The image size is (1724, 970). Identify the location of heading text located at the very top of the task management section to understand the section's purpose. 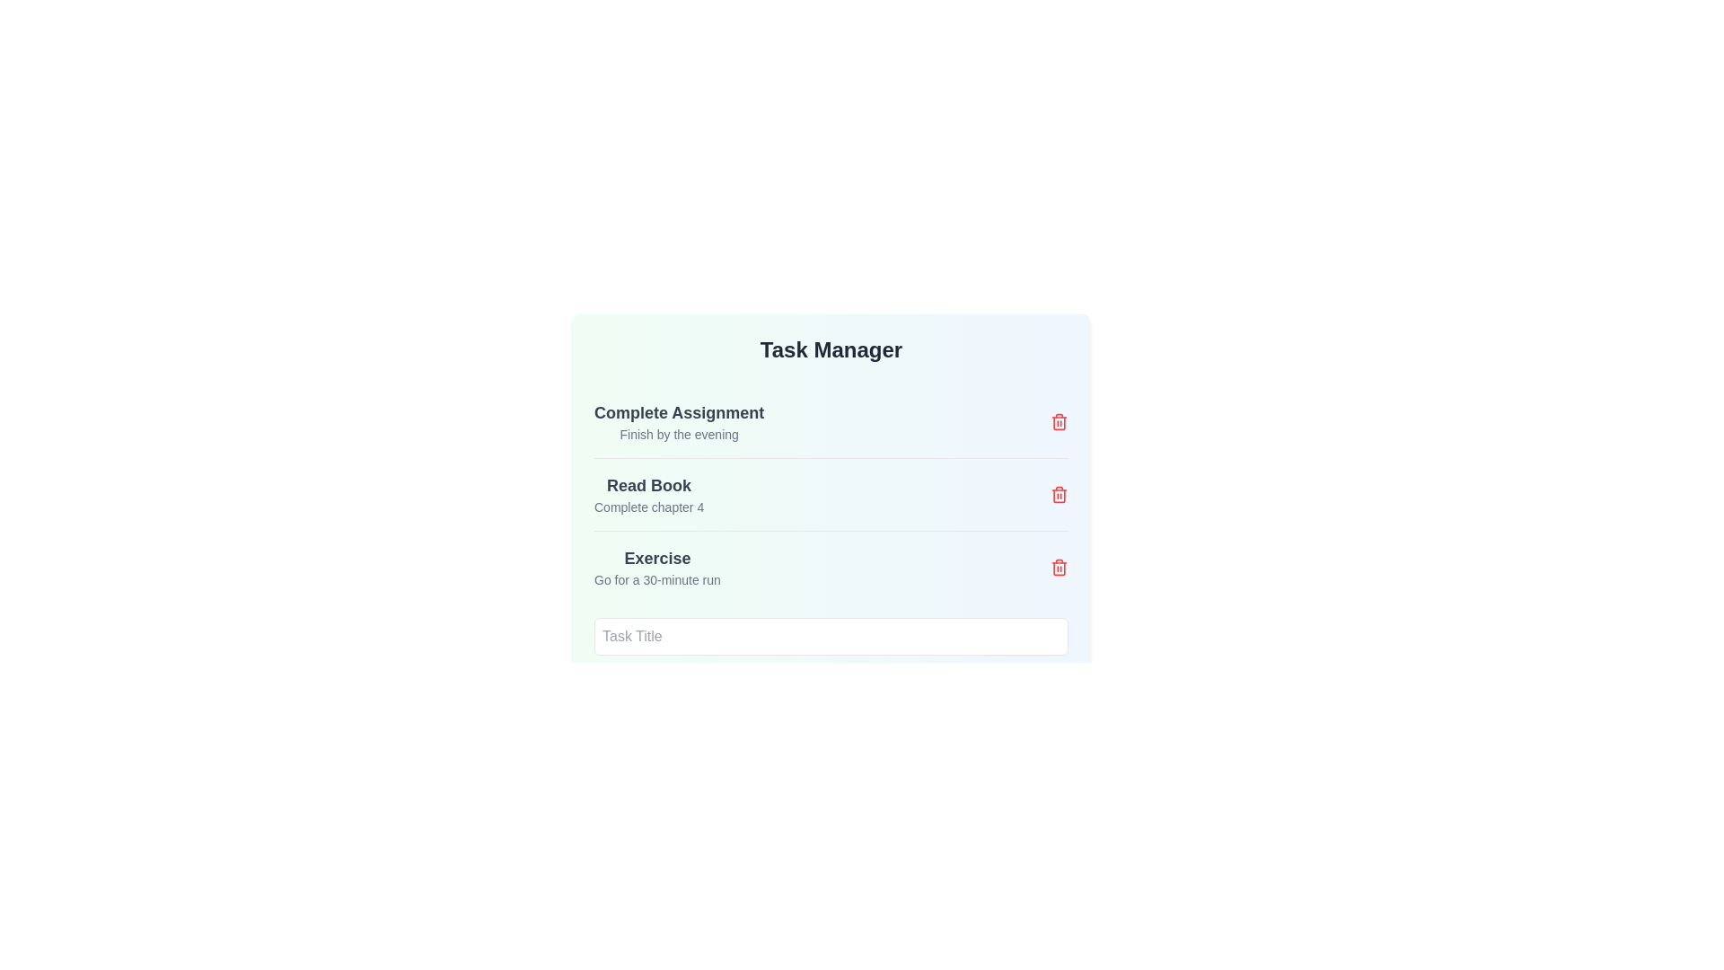
(831, 349).